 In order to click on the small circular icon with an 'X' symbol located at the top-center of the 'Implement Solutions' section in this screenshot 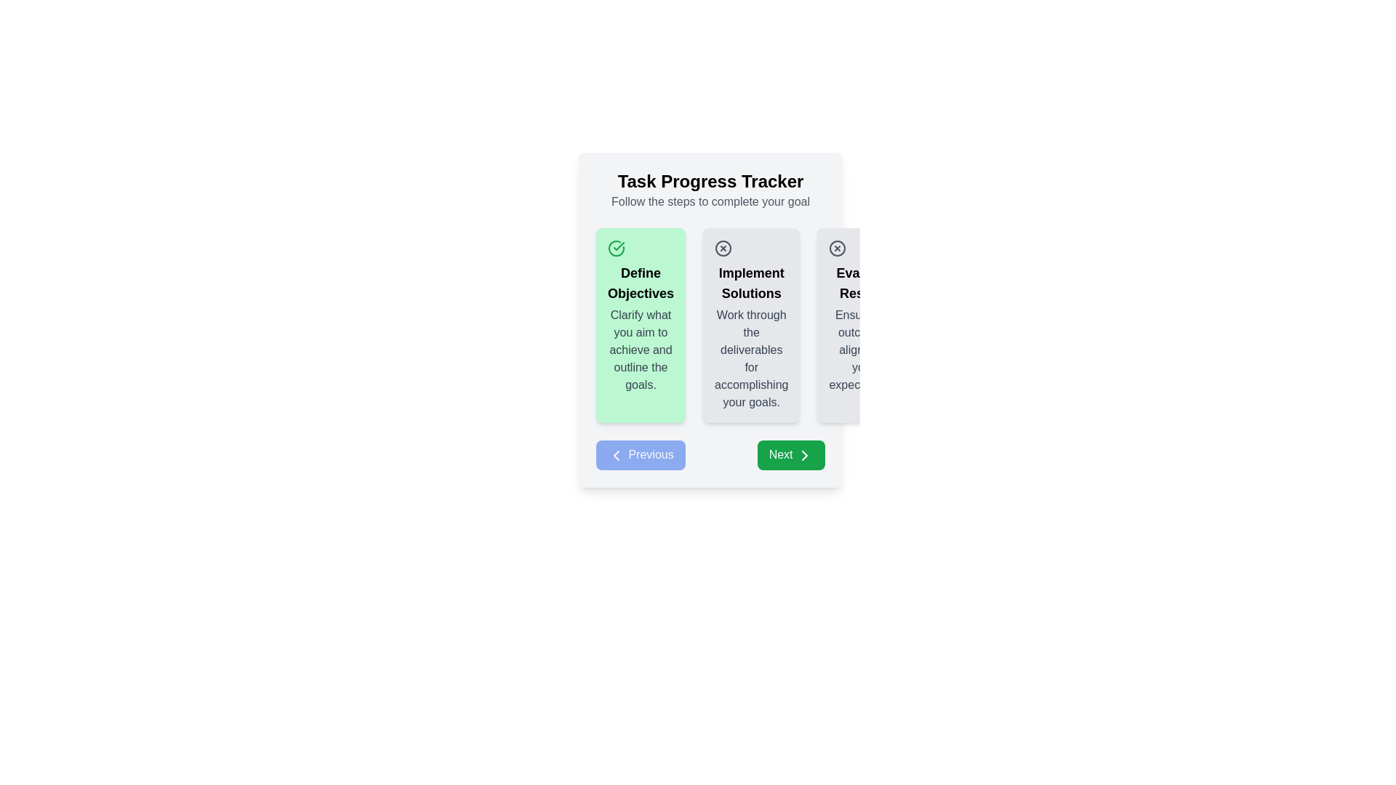, I will do `click(723, 248)`.